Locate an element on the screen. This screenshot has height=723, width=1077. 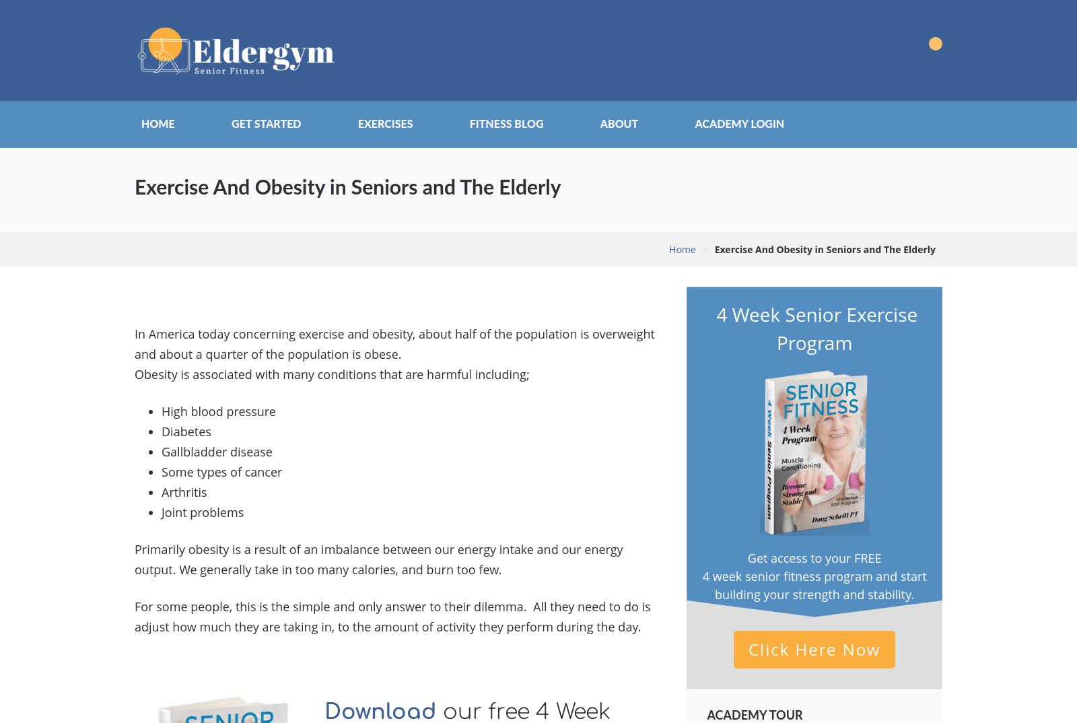
'About' is located at coordinates (599, 125).